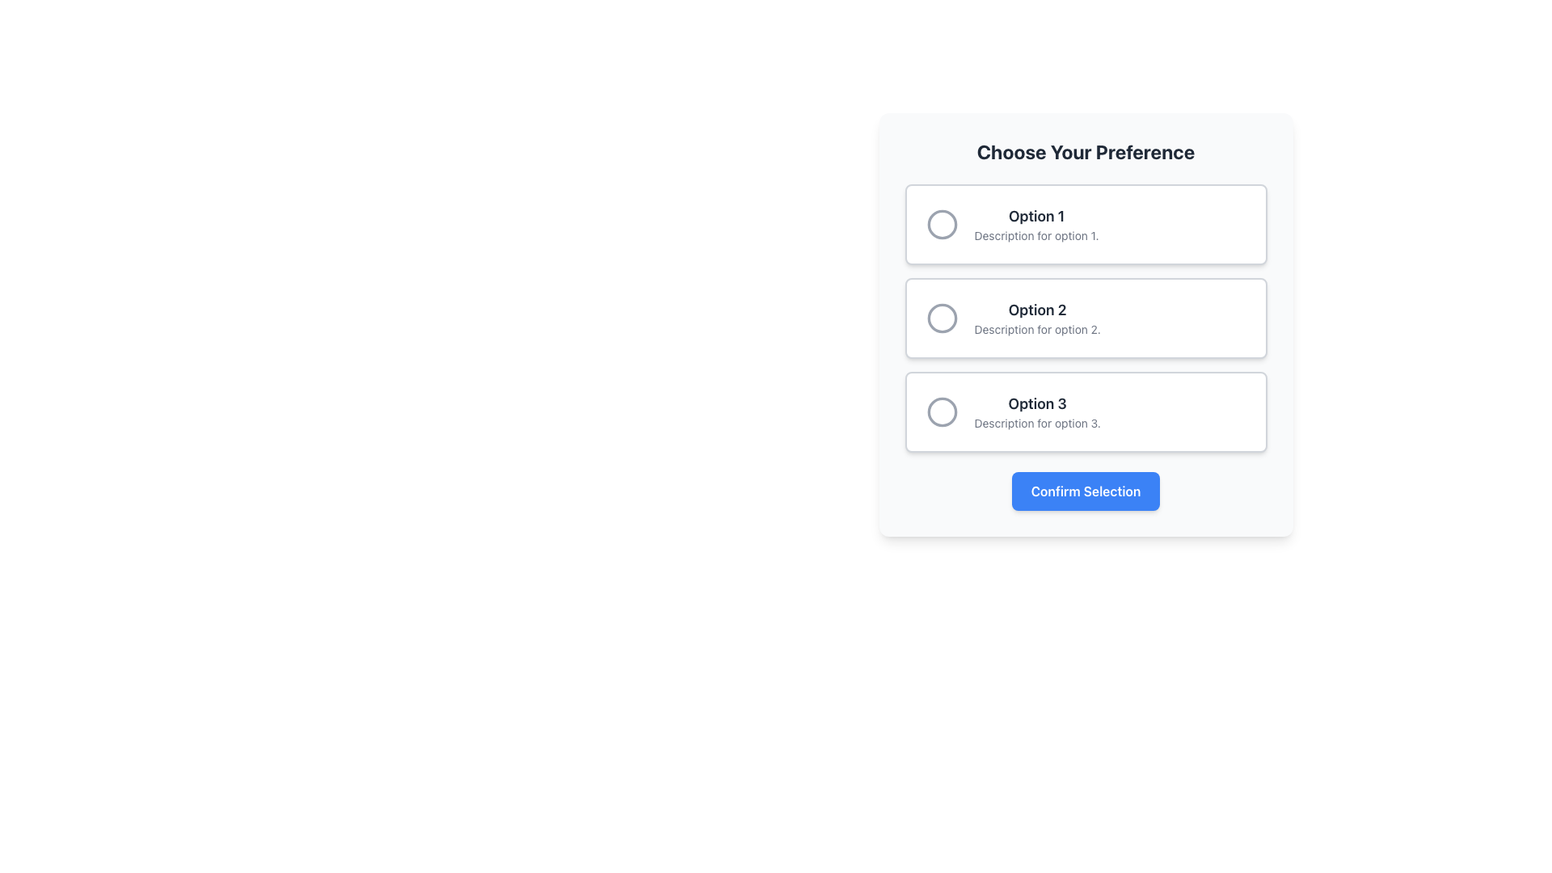 The height and width of the screenshot is (873, 1552). I want to click on the rectangular 'Confirm Selection' button with a blue background and white bold text to confirm the choice, so click(1086, 491).